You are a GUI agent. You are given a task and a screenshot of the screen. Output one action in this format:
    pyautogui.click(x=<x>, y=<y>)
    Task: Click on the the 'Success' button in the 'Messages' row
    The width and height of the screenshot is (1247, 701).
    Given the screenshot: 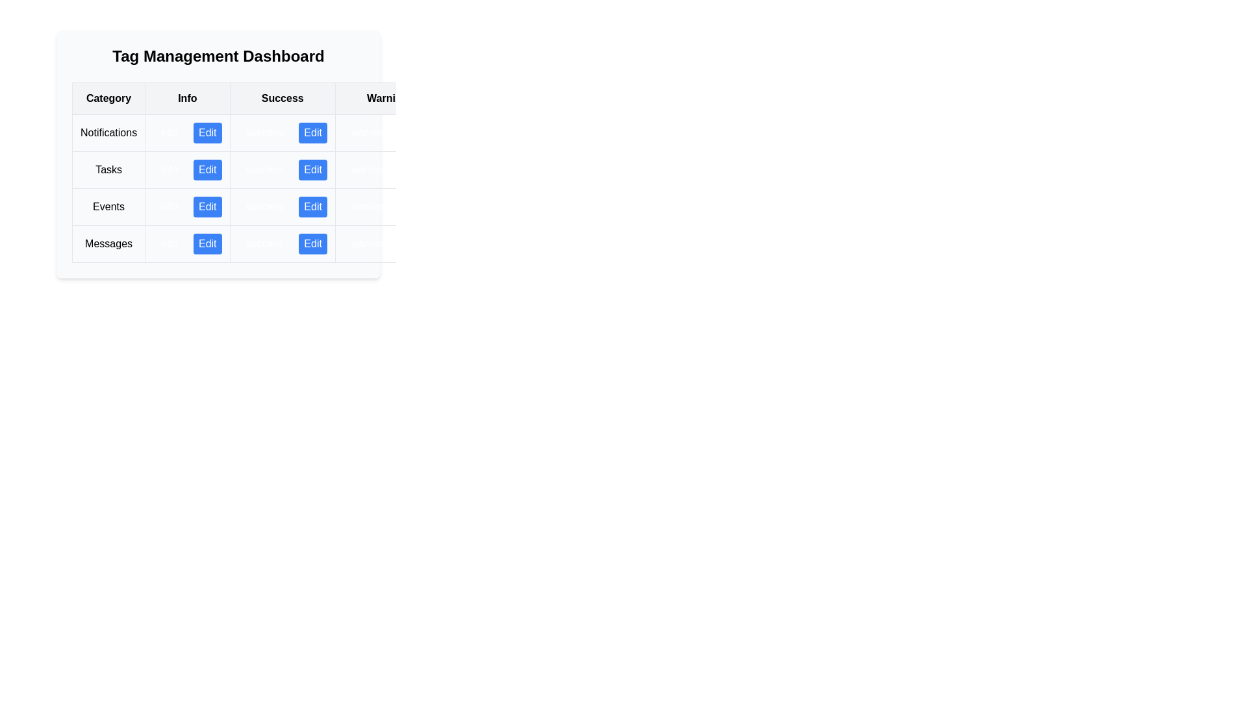 What is the action you would take?
    pyautogui.click(x=300, y=243)
    